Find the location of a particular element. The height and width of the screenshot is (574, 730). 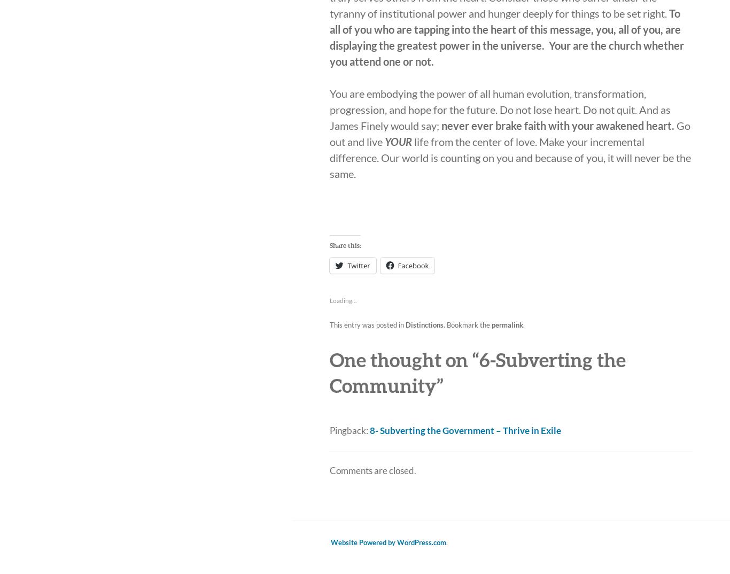

'Share this:' is located at coordinates (344, 245).